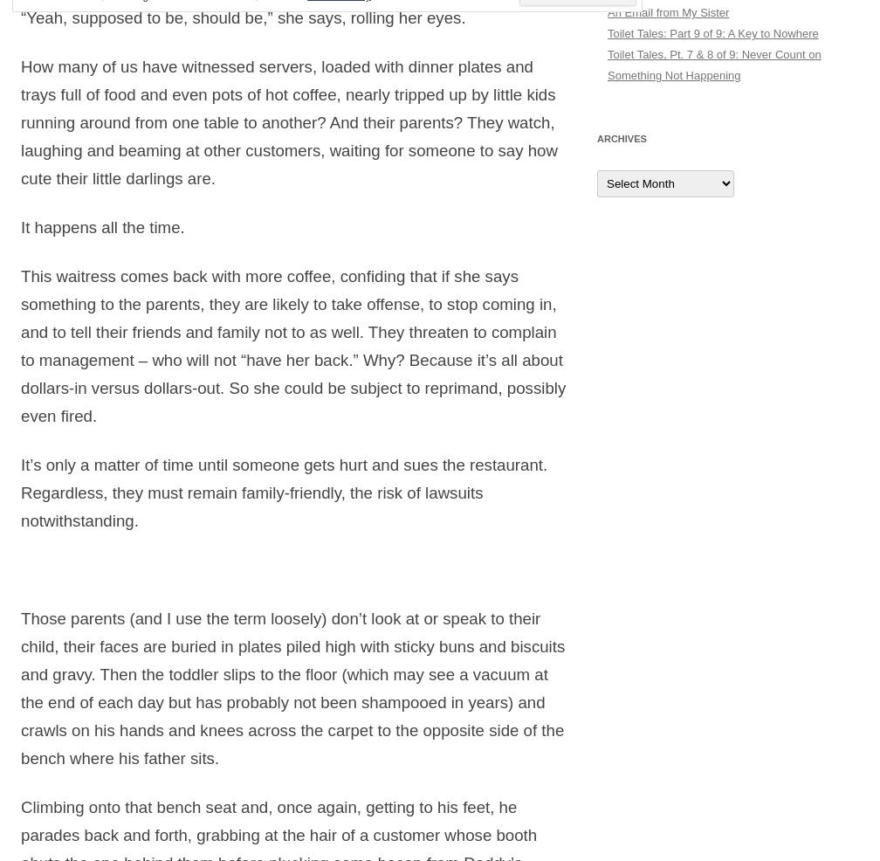 This screenshot has height=861, width=880. What do you see at coordinates (292, 688) in the screenshot?
I see `'Those parents (and I use the term loosely) don’t look at or speak to their child, their faces are buried in plates piled high with sticky buns and biscuits and gravy. Then the toddler slips to the floor (which may see a vacuum at the end of each day but has probably not been shampooed in years) and crawls on his hands and knees across the carpet to the opposite side of the bench where his father sits.'` at bounding box center [292, 688].